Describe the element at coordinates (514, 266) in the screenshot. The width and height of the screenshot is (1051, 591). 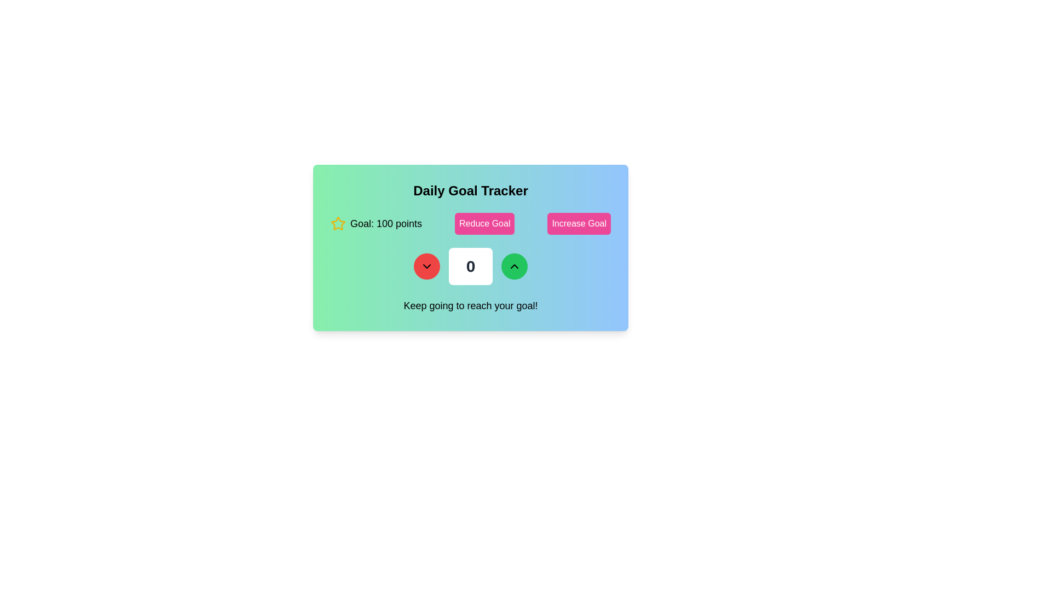
I see `the green button icon located on the right side of the numeric counter` at that location.